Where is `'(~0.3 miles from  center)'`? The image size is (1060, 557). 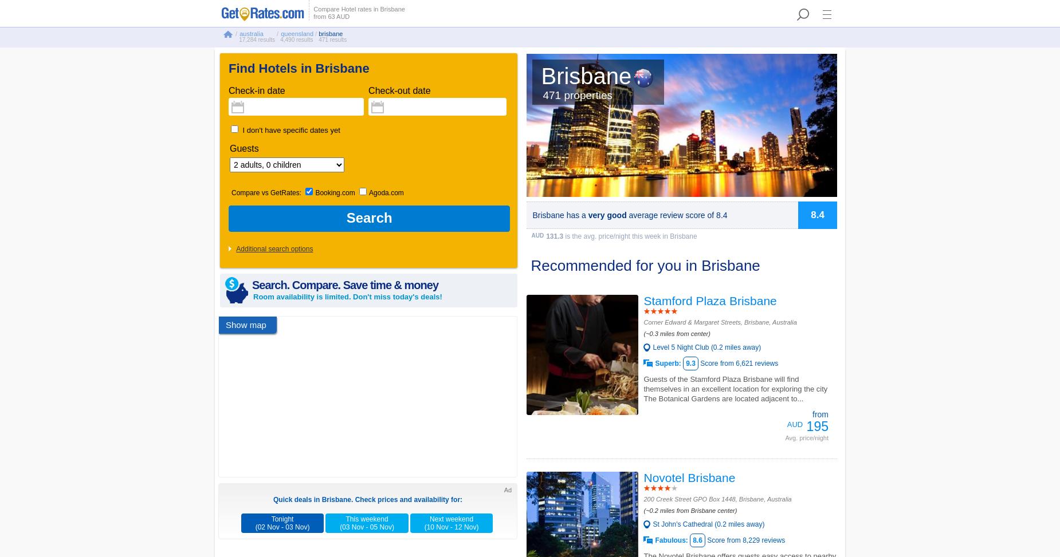 '(~0.3 miles from  center)' is located at coordinates (676, 334).